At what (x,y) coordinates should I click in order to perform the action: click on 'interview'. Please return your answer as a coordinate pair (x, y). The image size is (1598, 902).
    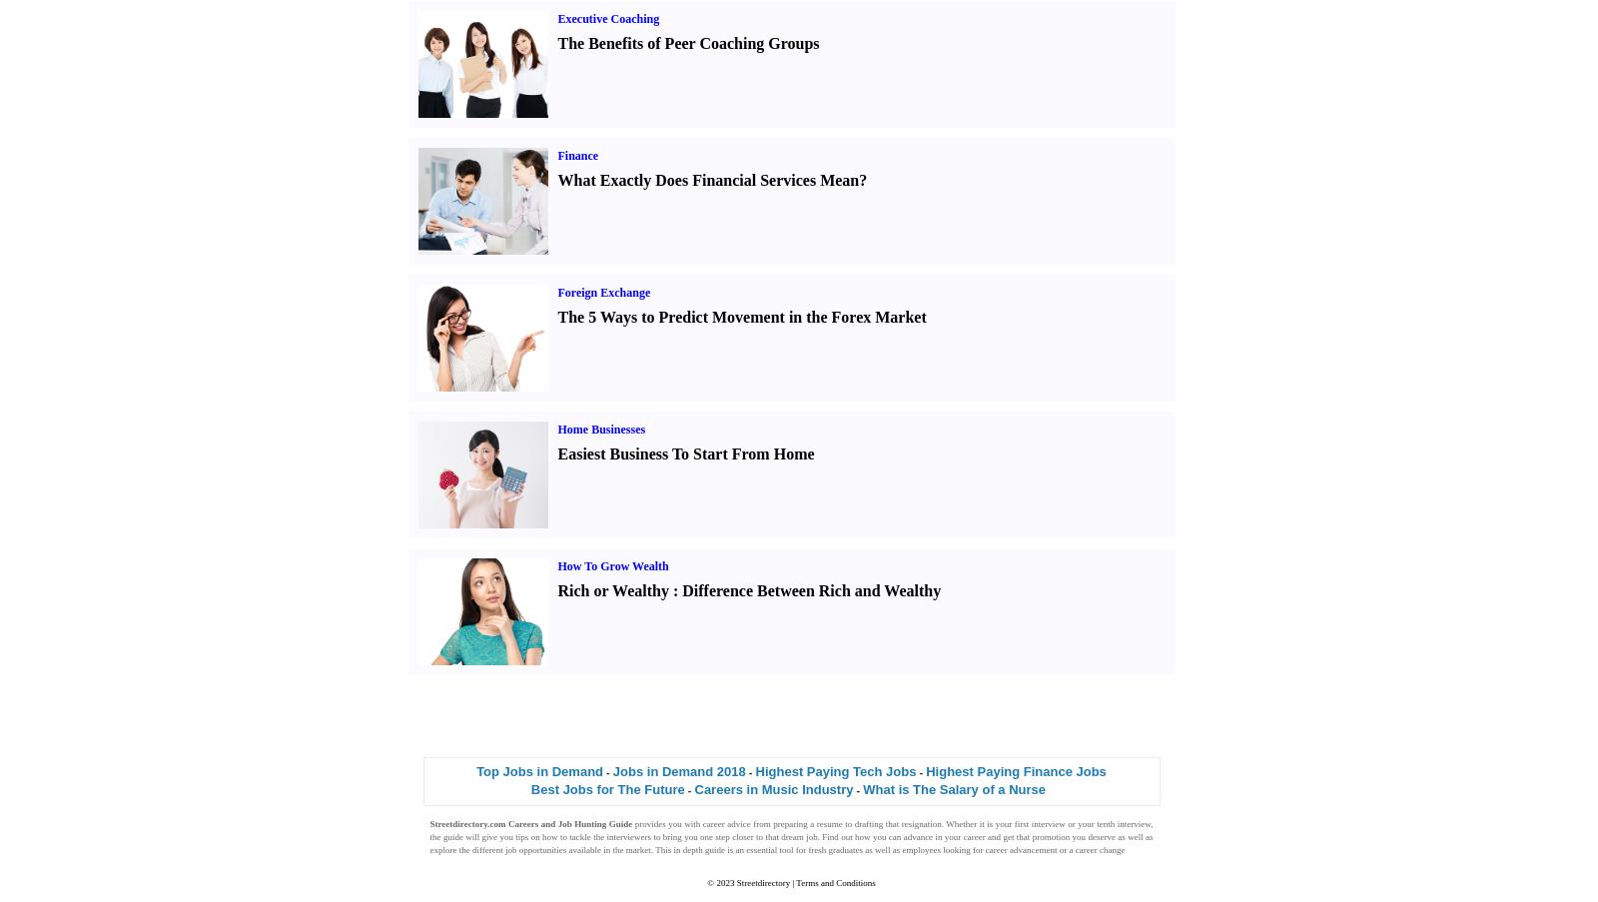
    Looking at the image, I should click on (1047, 821).